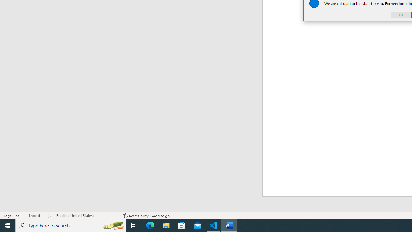 The width and height of the screenshot is (412, 232). I want to click on 'Microsoft Edge', so click(150, 225).